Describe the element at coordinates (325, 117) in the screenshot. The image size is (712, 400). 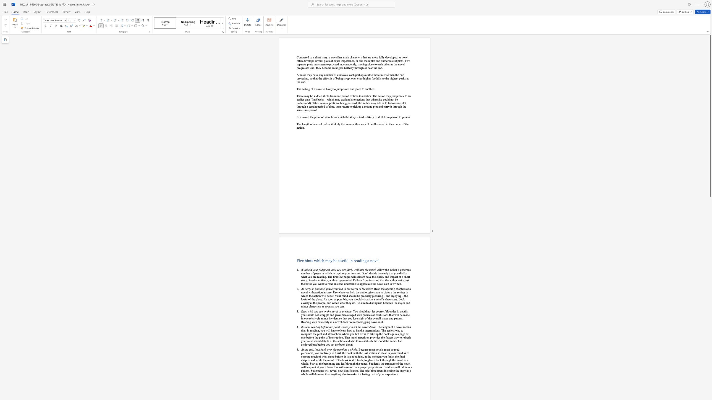
I see `the subset text "iew from which the story is told is likely" within the text "In a novel, the point of view from which the story is told is likely to shift from person to person."` at that location.